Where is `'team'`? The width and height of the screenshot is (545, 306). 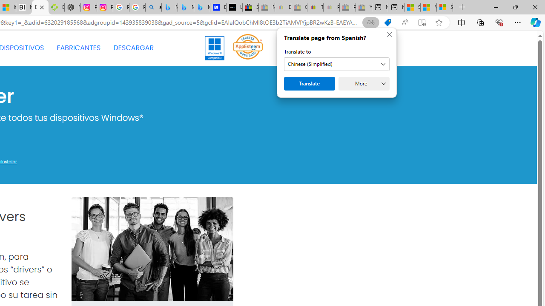 'team' is located at coordinates (152, 249).